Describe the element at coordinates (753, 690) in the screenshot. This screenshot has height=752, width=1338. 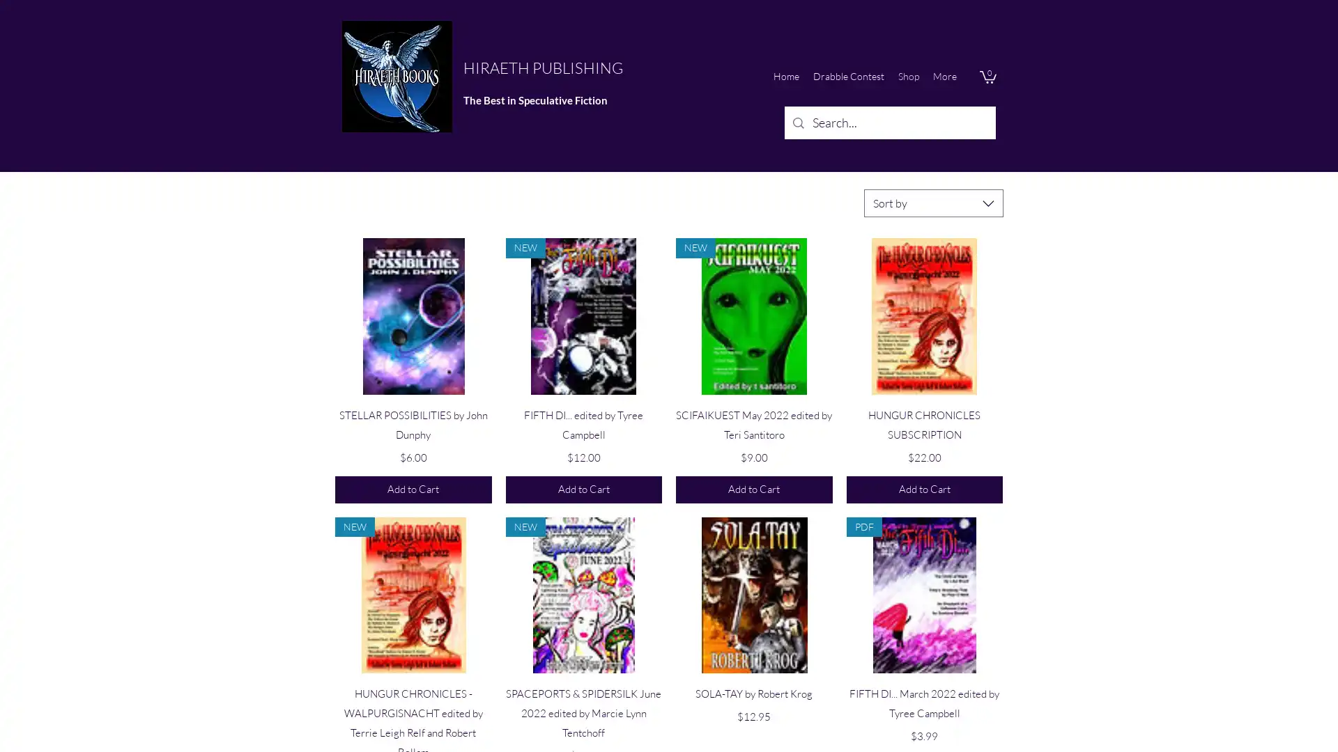
I see `Quick View` at that location.